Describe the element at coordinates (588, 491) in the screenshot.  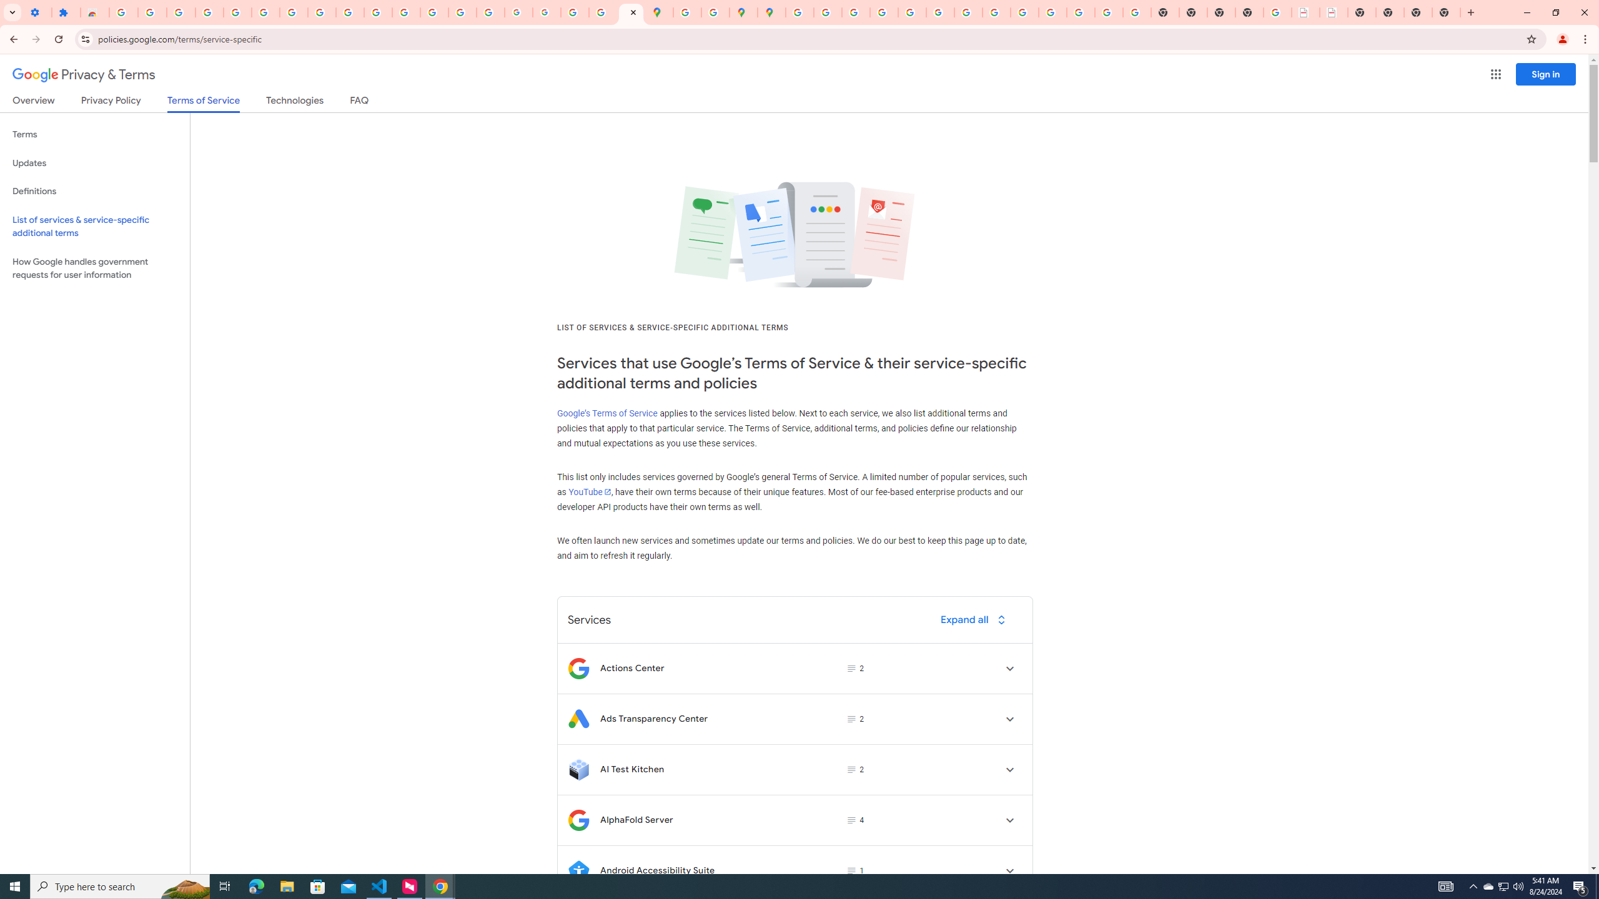
I see `'YouTube'` at that location.